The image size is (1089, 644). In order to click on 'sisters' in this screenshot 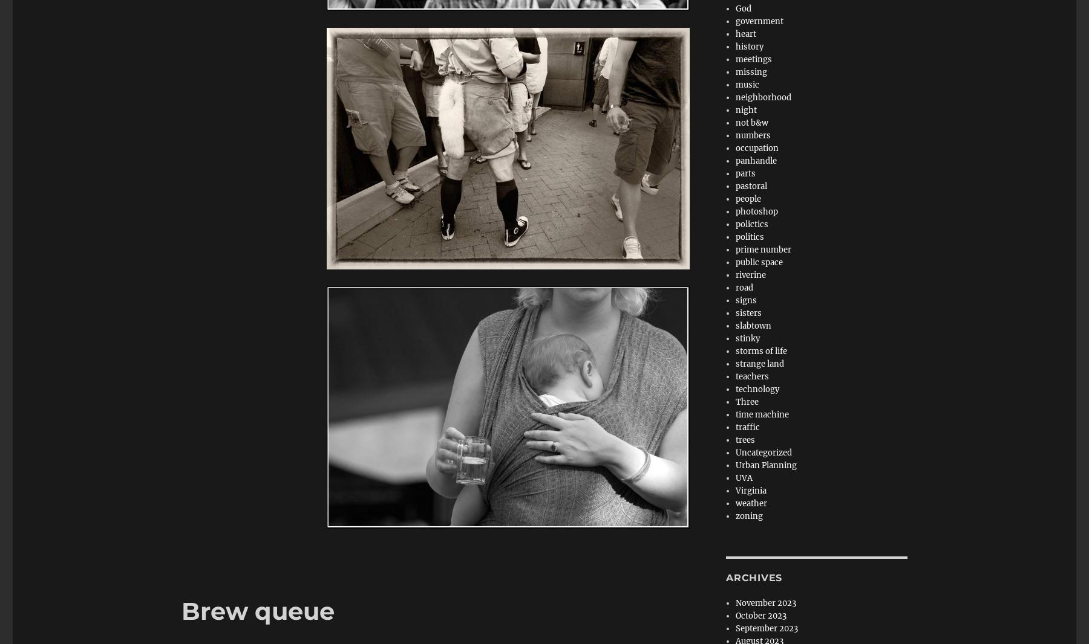, I will do `click(748, 313)`.